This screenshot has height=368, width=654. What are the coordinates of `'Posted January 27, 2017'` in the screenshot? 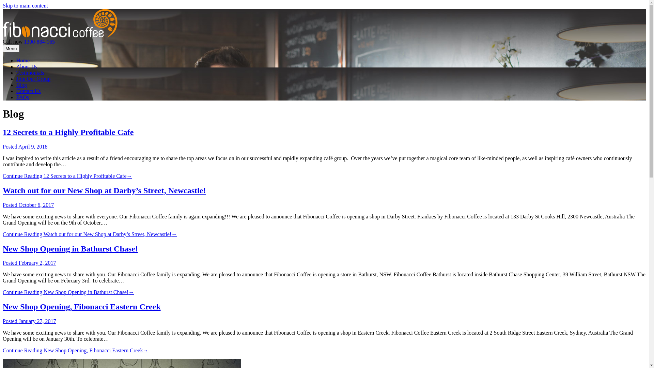 It's located at (3, 321).